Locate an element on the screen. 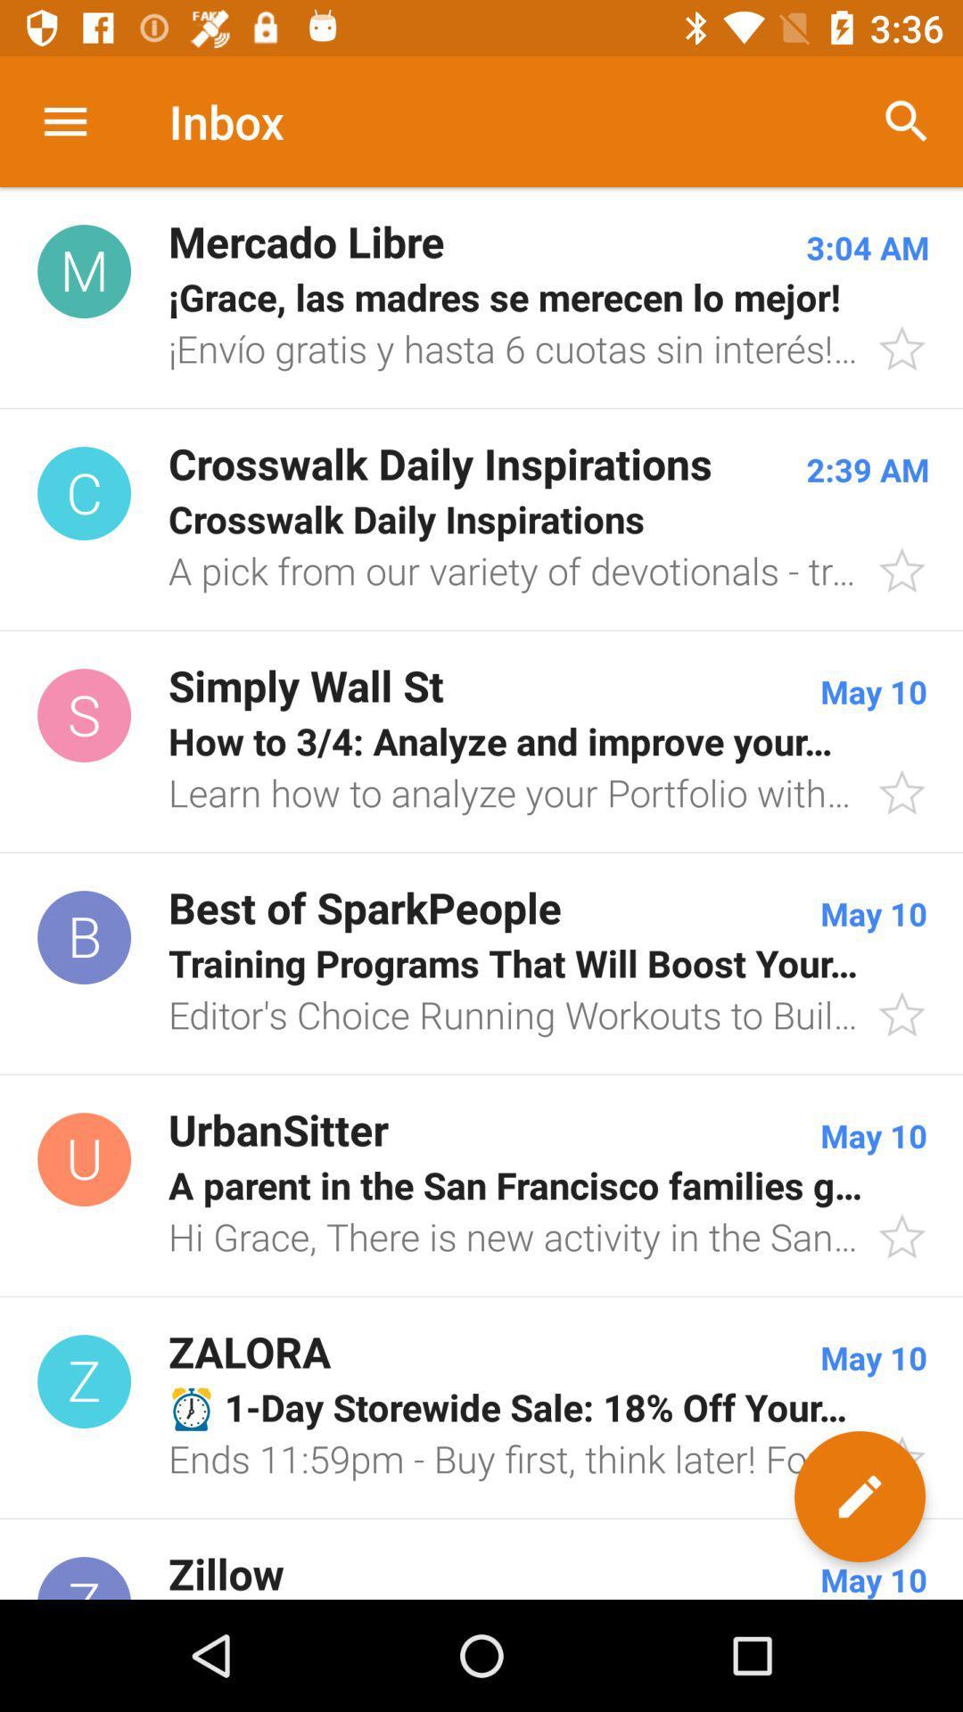 The width and height of the screenshot is (963, 1712). the item at the bottom right corner is located at coordinates (859, 1496).